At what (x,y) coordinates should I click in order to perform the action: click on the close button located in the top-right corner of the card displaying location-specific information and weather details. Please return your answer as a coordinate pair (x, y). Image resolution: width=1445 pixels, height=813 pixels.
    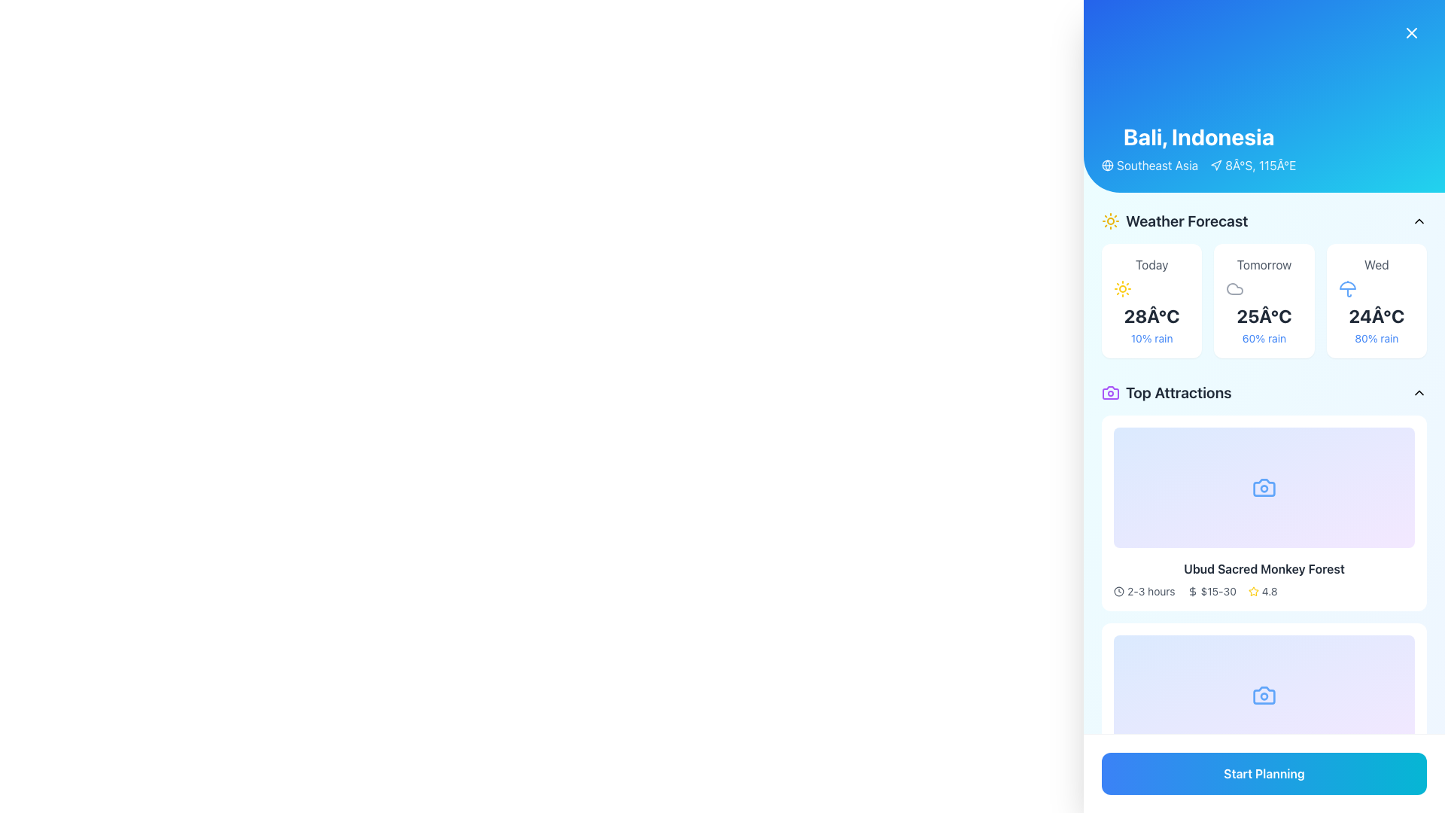
    Looking at the image, I should click on (1411, 32).